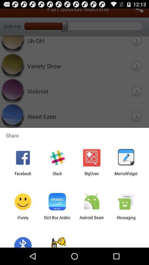 Image resolution: width=149 pixels, height=265 pixels. I want to click on icon to the right of ifunny app, so click(57, 220).